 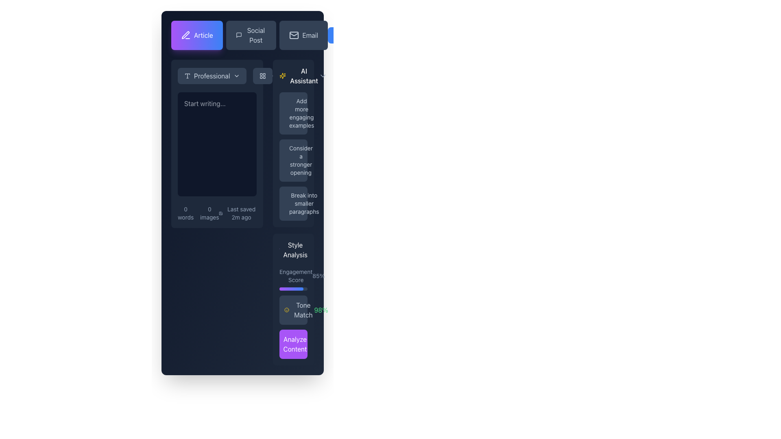 What do you see at coordinates (283, 76) in the screenshot?
I see `the central starburst shape within the sparkle icon of the 'AI Assistant' label, which enhances its visual appeal and signifies its importance` at bounding box center [283, 76].